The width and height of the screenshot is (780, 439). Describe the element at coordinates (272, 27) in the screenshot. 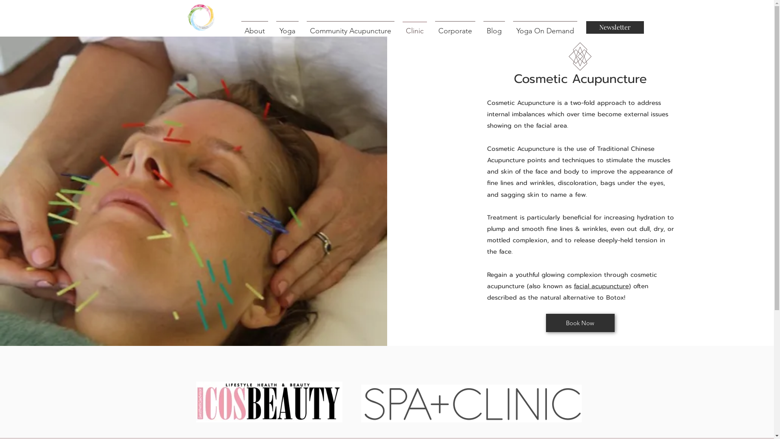

I see `'Yoga'` at that location.